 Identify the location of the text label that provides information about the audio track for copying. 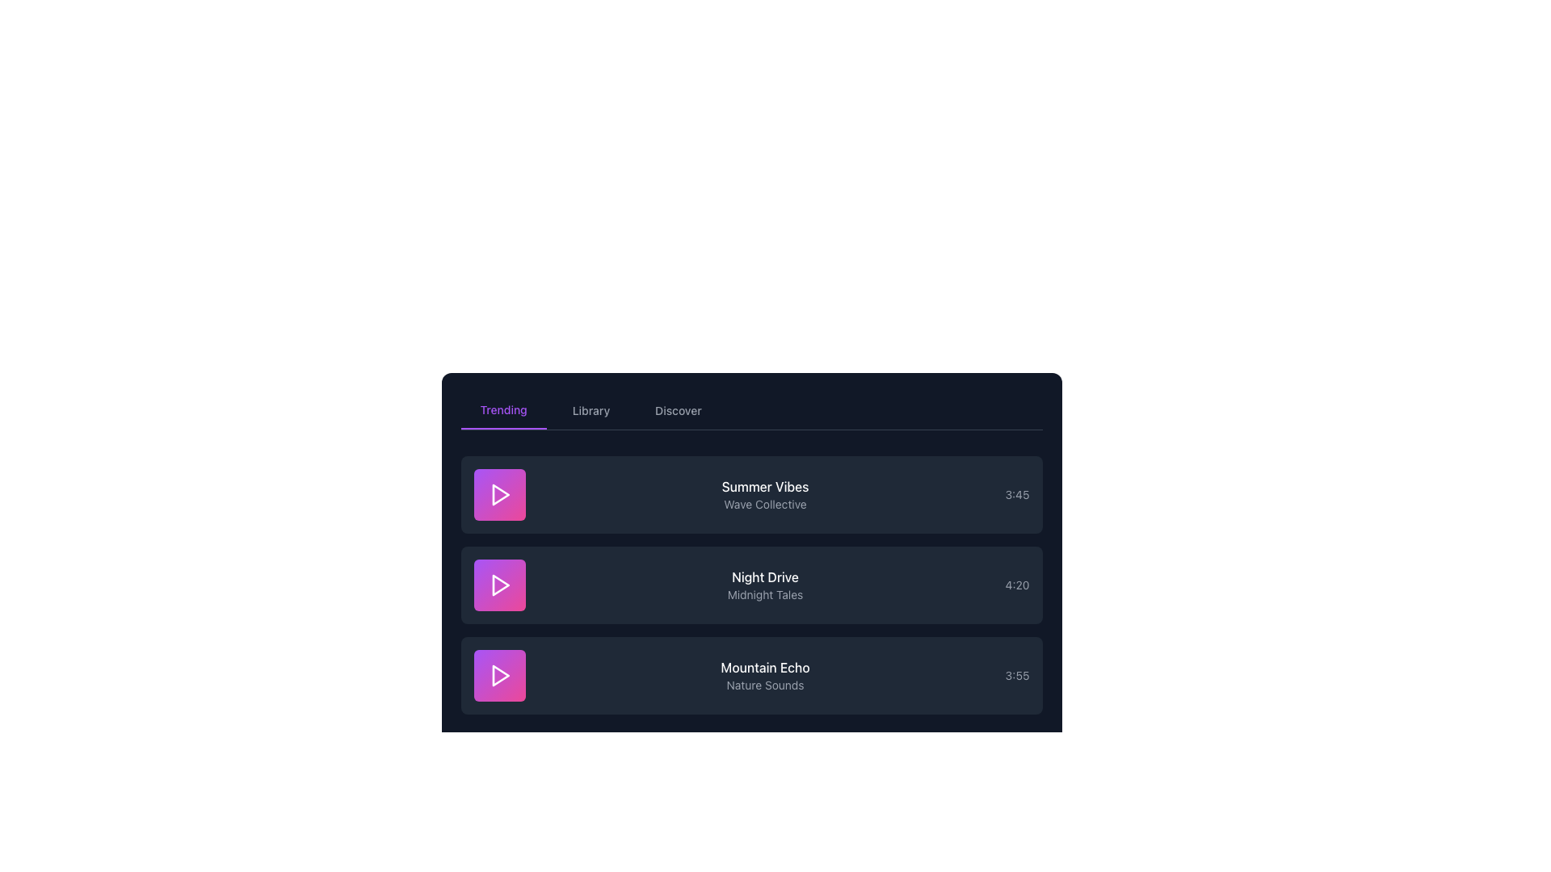
(764, 676).